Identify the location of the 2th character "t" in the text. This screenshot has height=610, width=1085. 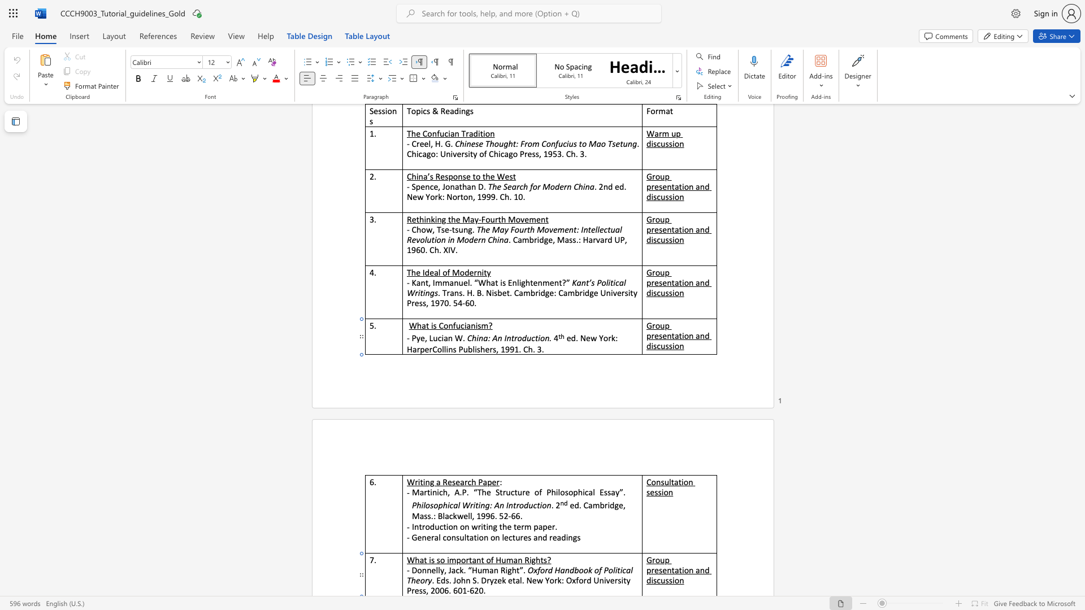
(680, 570).